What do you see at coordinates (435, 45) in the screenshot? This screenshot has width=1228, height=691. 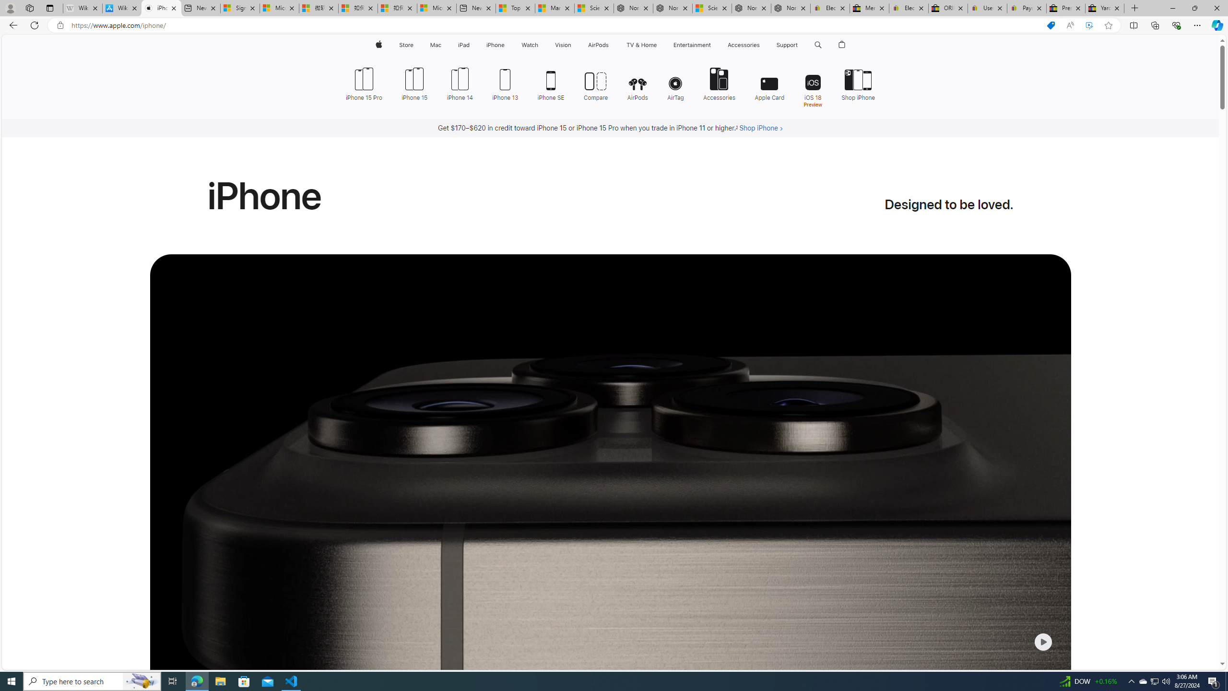 I see `'Mac'` at bounding box center [435, 45].